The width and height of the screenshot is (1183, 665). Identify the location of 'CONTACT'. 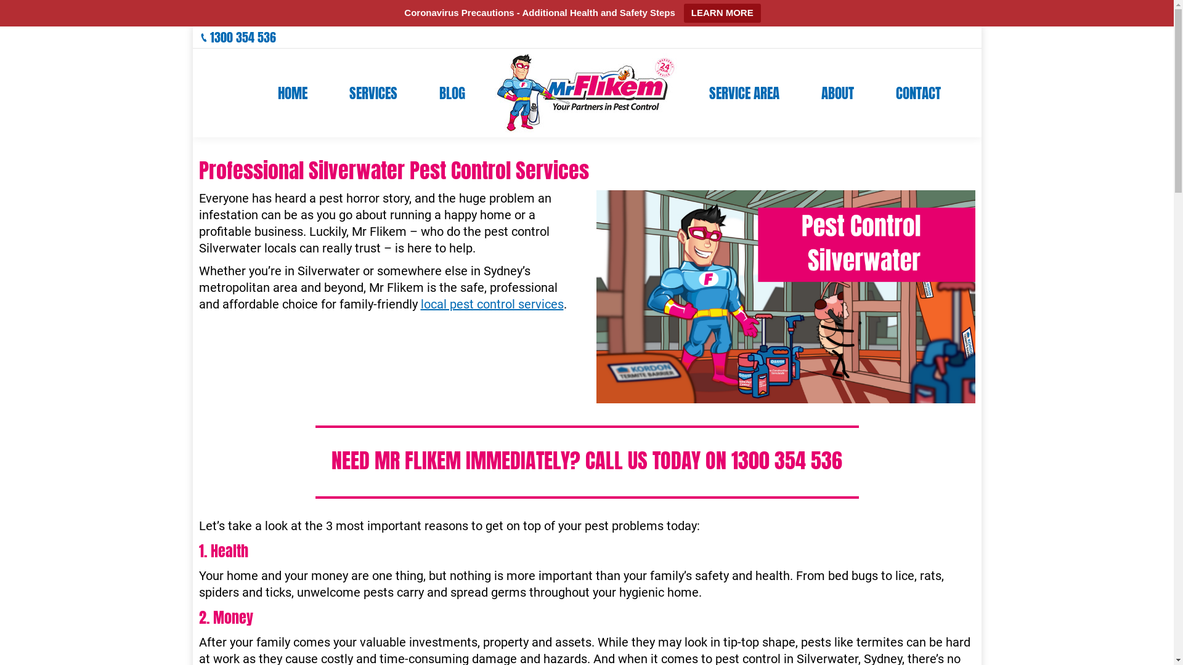
(918, 92).